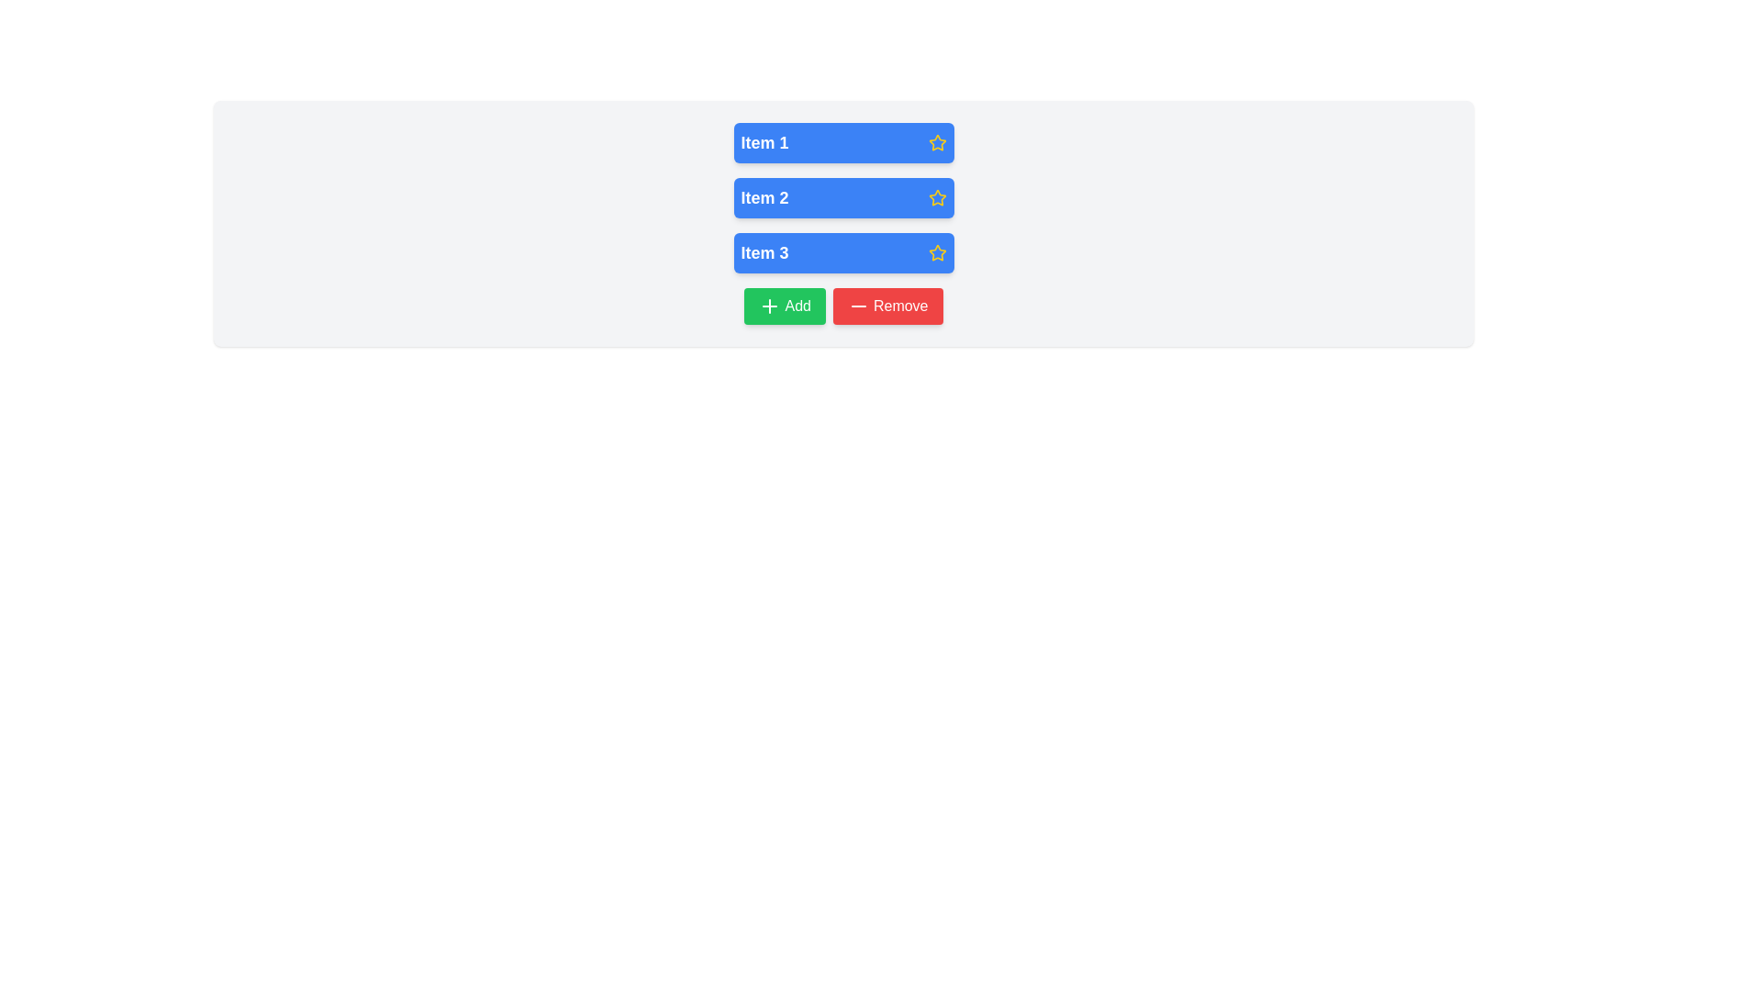  What do you see at coordinates (770, 306) in the screenshot?
I see `the plus icon located on the green 'Add' button below the item list` at bounding box center [770, 306].